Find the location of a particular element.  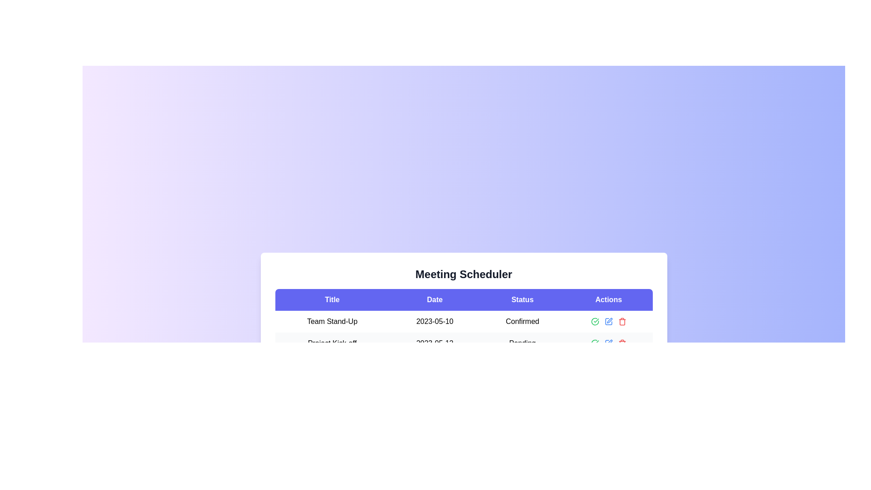

the icon button resembling a square outline, located as the second icon from the left in its action group is located at coordinates (608, 343).